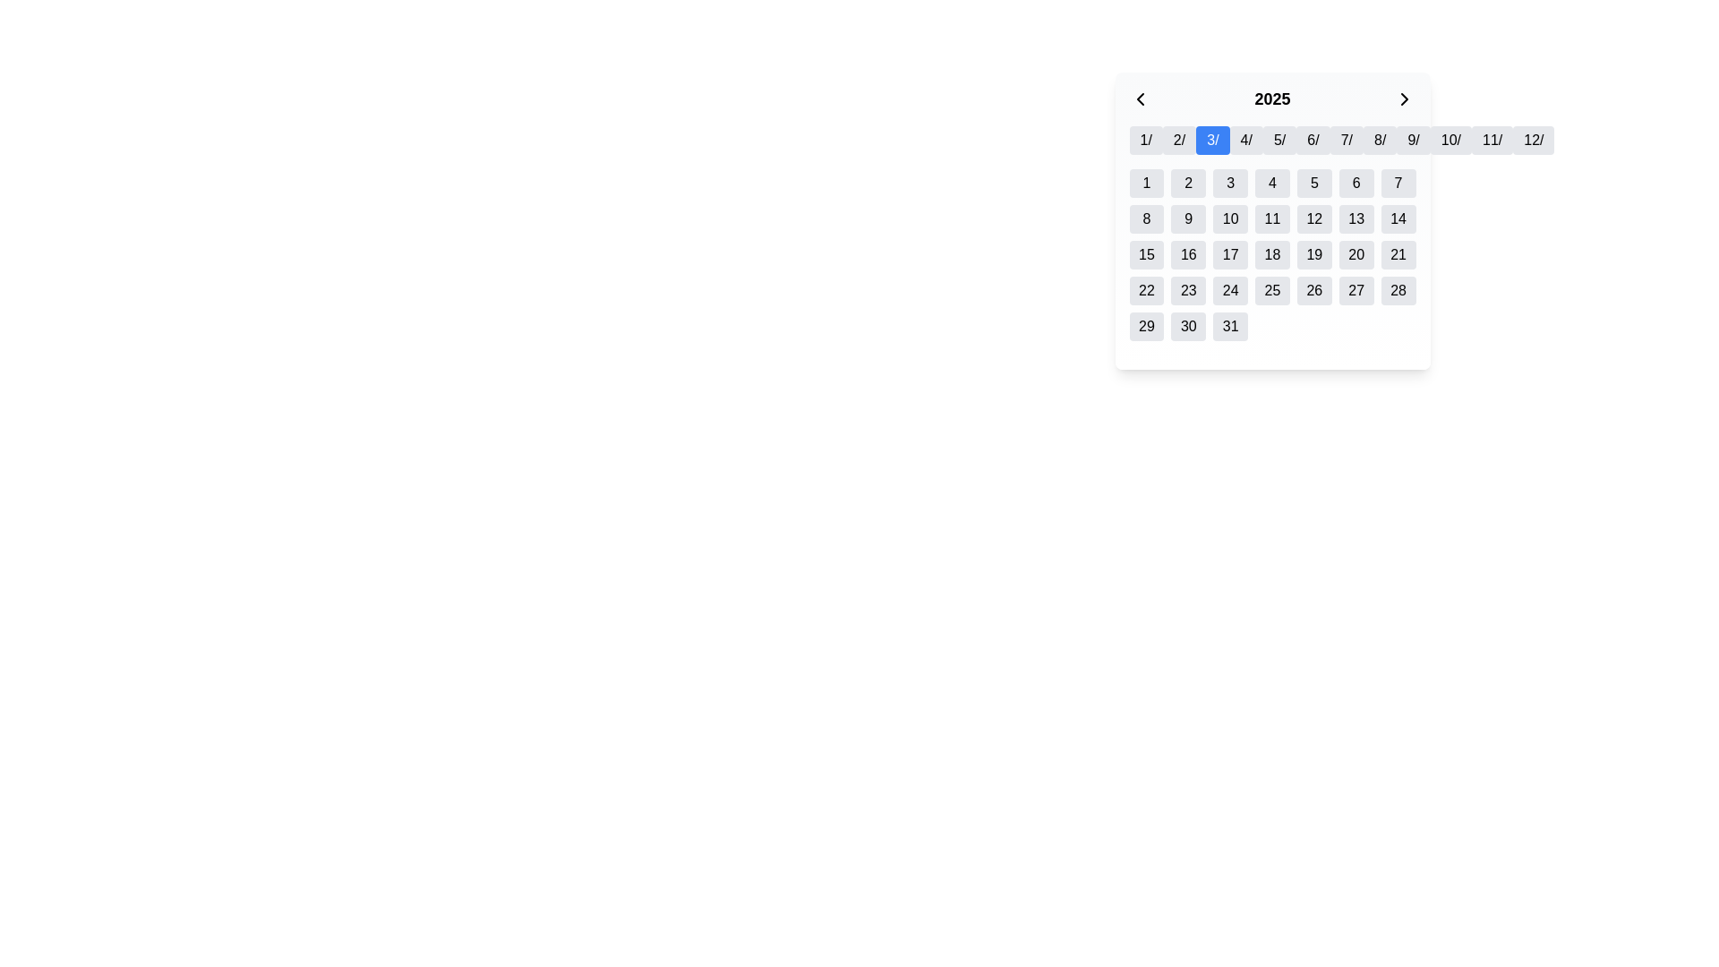  What do you see at coordinates (1379, 140) in the screenshot?
I see `the selectable calendar option button` at bounding box center [1379, 140].